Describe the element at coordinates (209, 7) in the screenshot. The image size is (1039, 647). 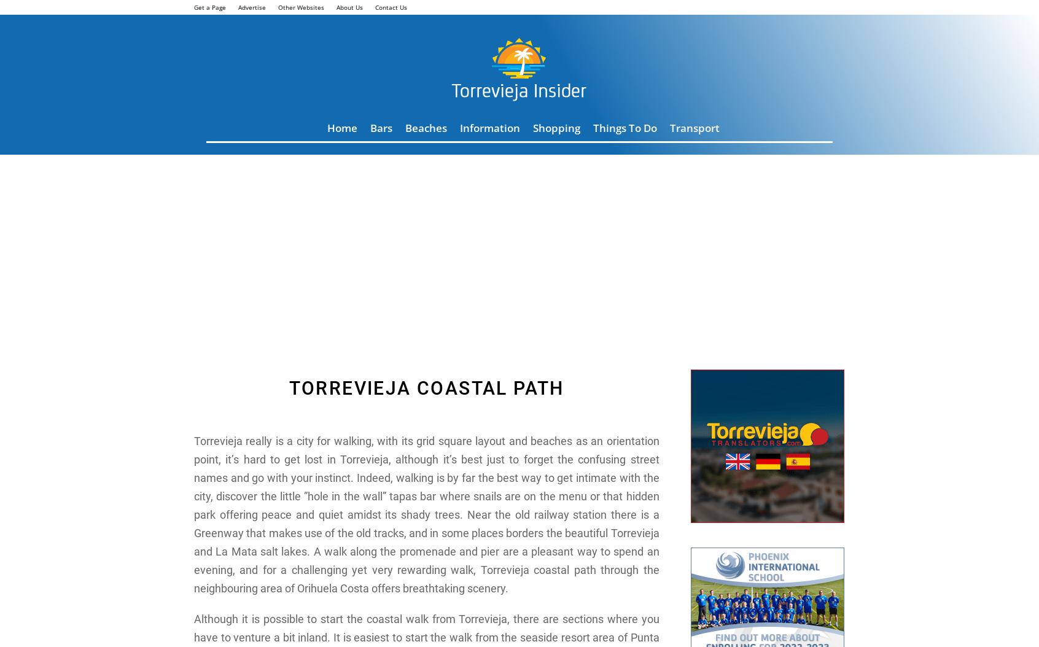
I see `'Get a Page'` at that location.